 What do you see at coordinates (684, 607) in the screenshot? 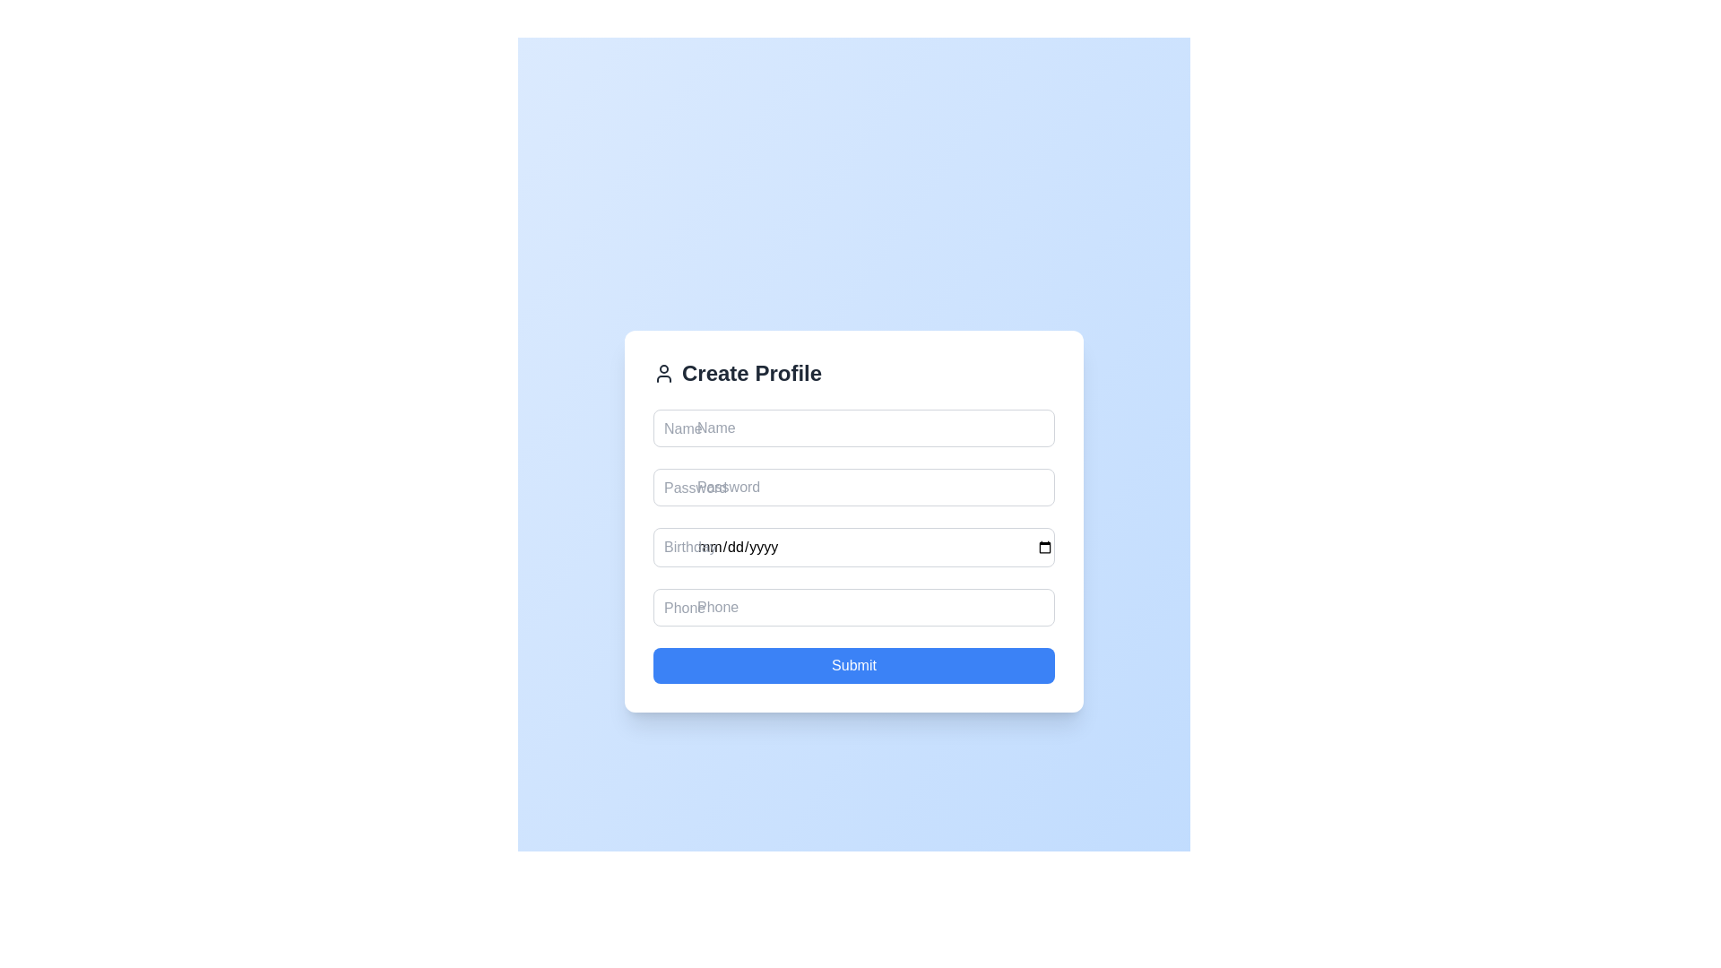
I see `the label indicating that the adjacent text input field is for entering a phone number, positioned at the upper-left corner of the input field in the fourth vertical sequence of input fields` at bounding box center [684, 607].